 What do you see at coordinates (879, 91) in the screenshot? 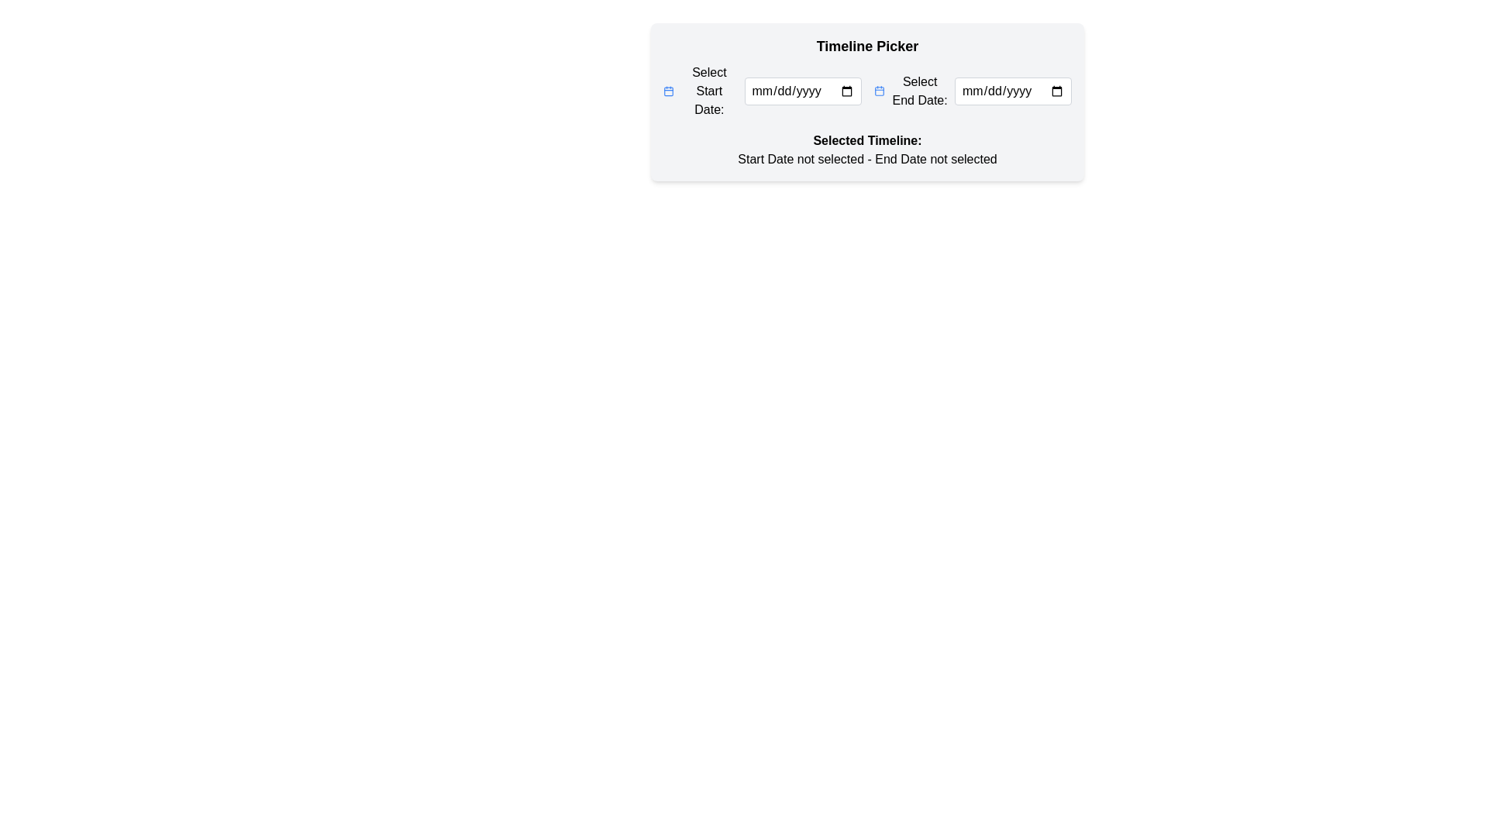
I see `the blue calendar icon located near the 'Select End Date:' label in the timeline picker interface` at bounding box center [879, 91].